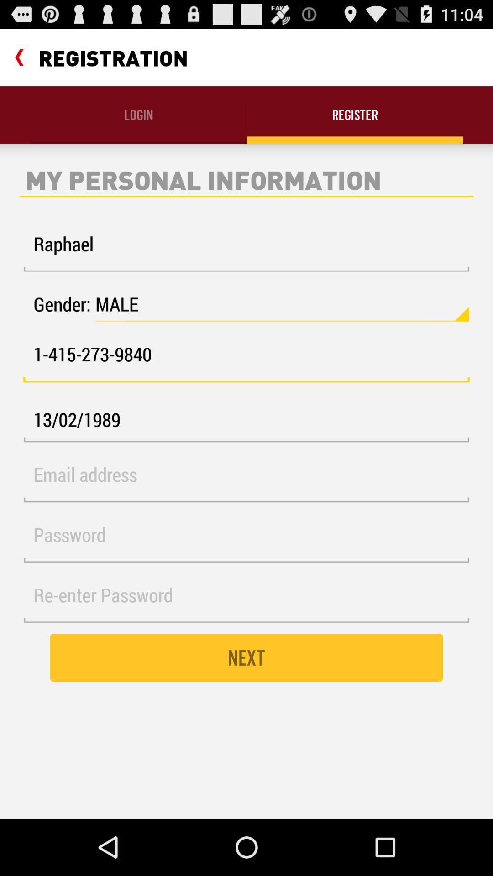 Image resolution: width=493 pixels, height=876 pixels. What do you see at coordinates (246, 359) in the screenshot?
I see `the icon above the 13/02/1989 item` at bounding box center [246, 359].